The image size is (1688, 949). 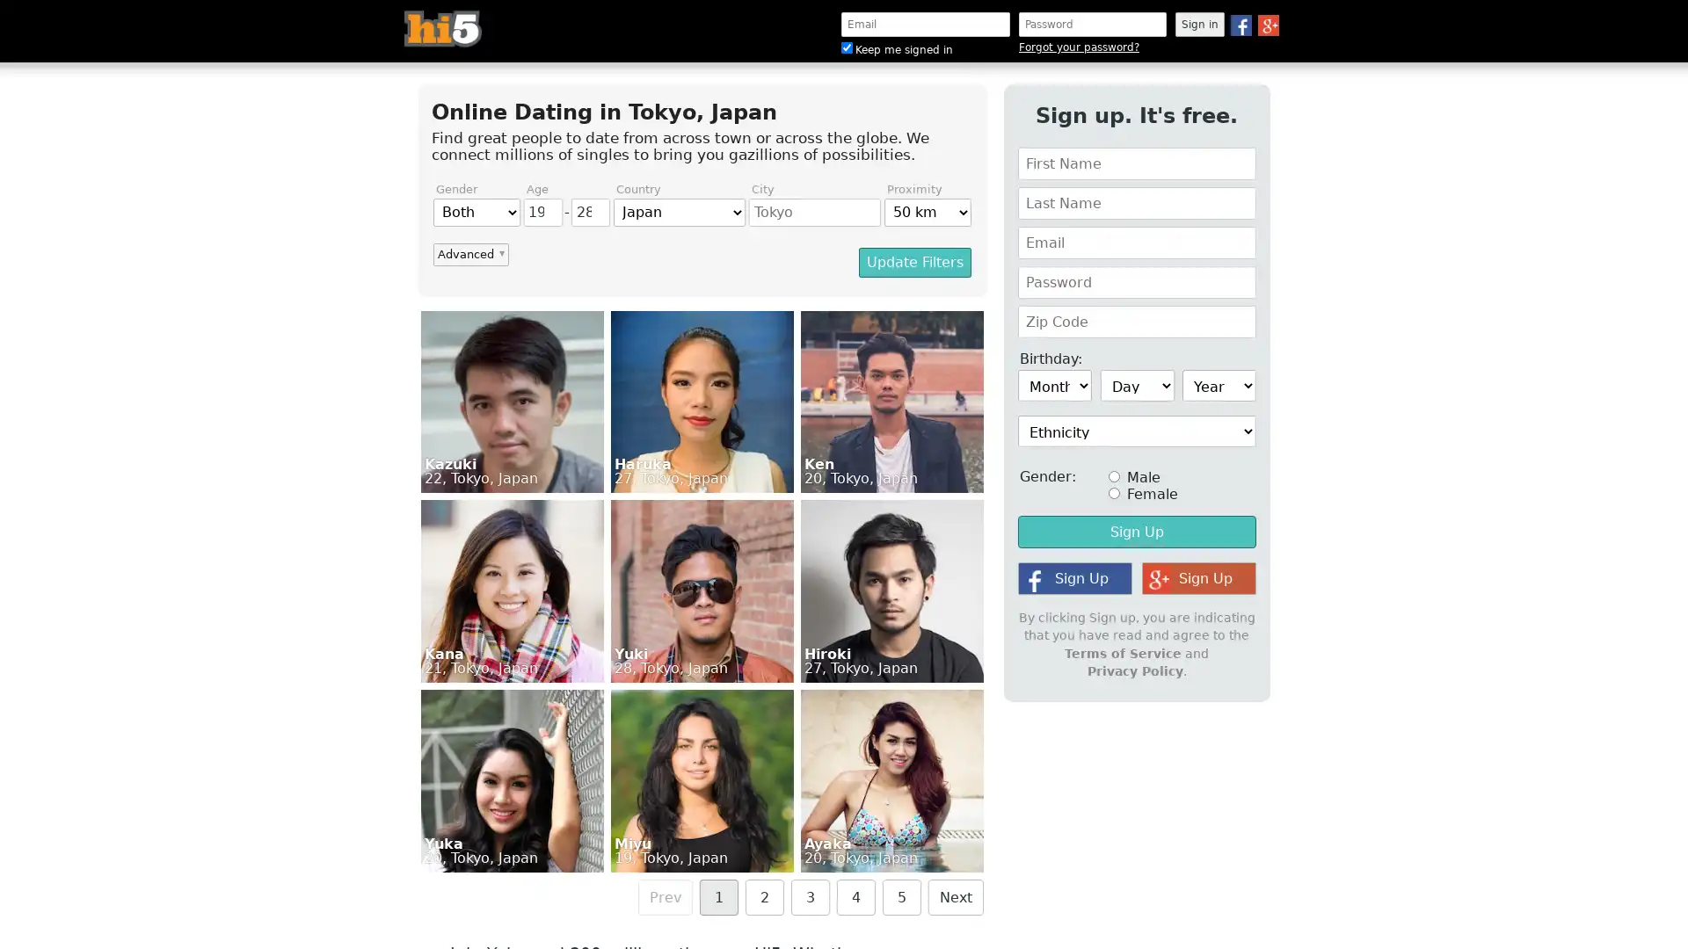 What do you see at coordinates (1197, 578) in the screenshot?
I see `Sign Up` at bounding box center [1197, 578].